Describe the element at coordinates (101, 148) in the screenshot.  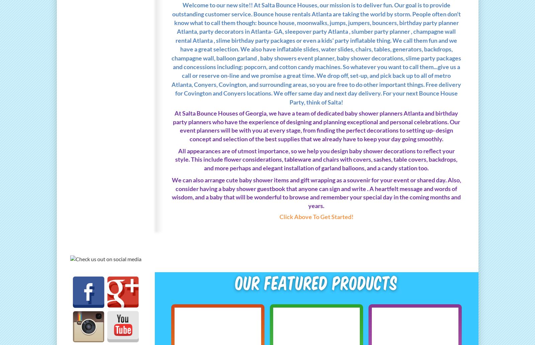
I see `'Tables, Chairs, and Covers'` at that location.